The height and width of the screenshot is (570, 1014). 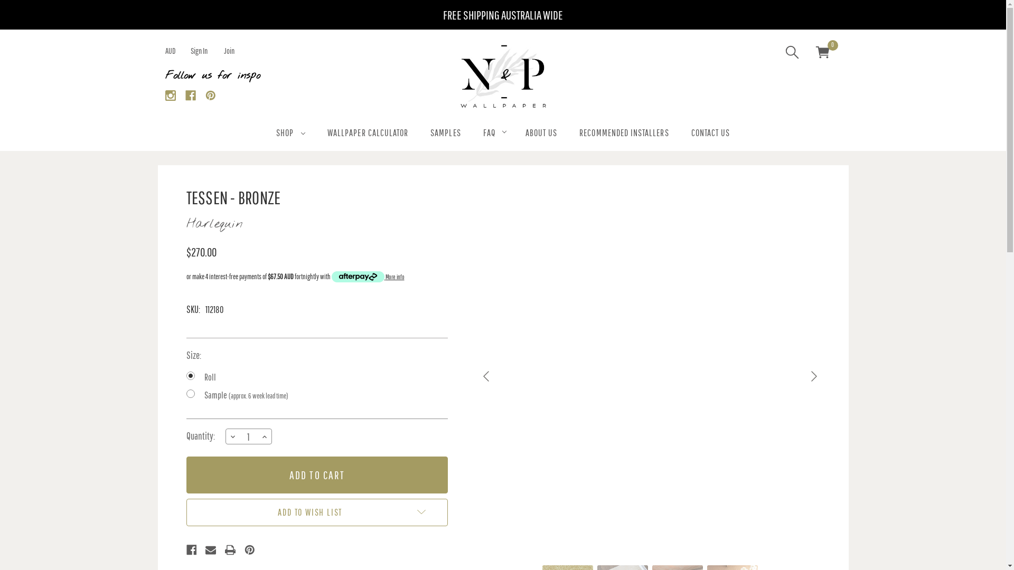 What do you see at coordinates (471, 134) in the screenshot?
I see `'FAQ'` at bounding box center [471, 134].